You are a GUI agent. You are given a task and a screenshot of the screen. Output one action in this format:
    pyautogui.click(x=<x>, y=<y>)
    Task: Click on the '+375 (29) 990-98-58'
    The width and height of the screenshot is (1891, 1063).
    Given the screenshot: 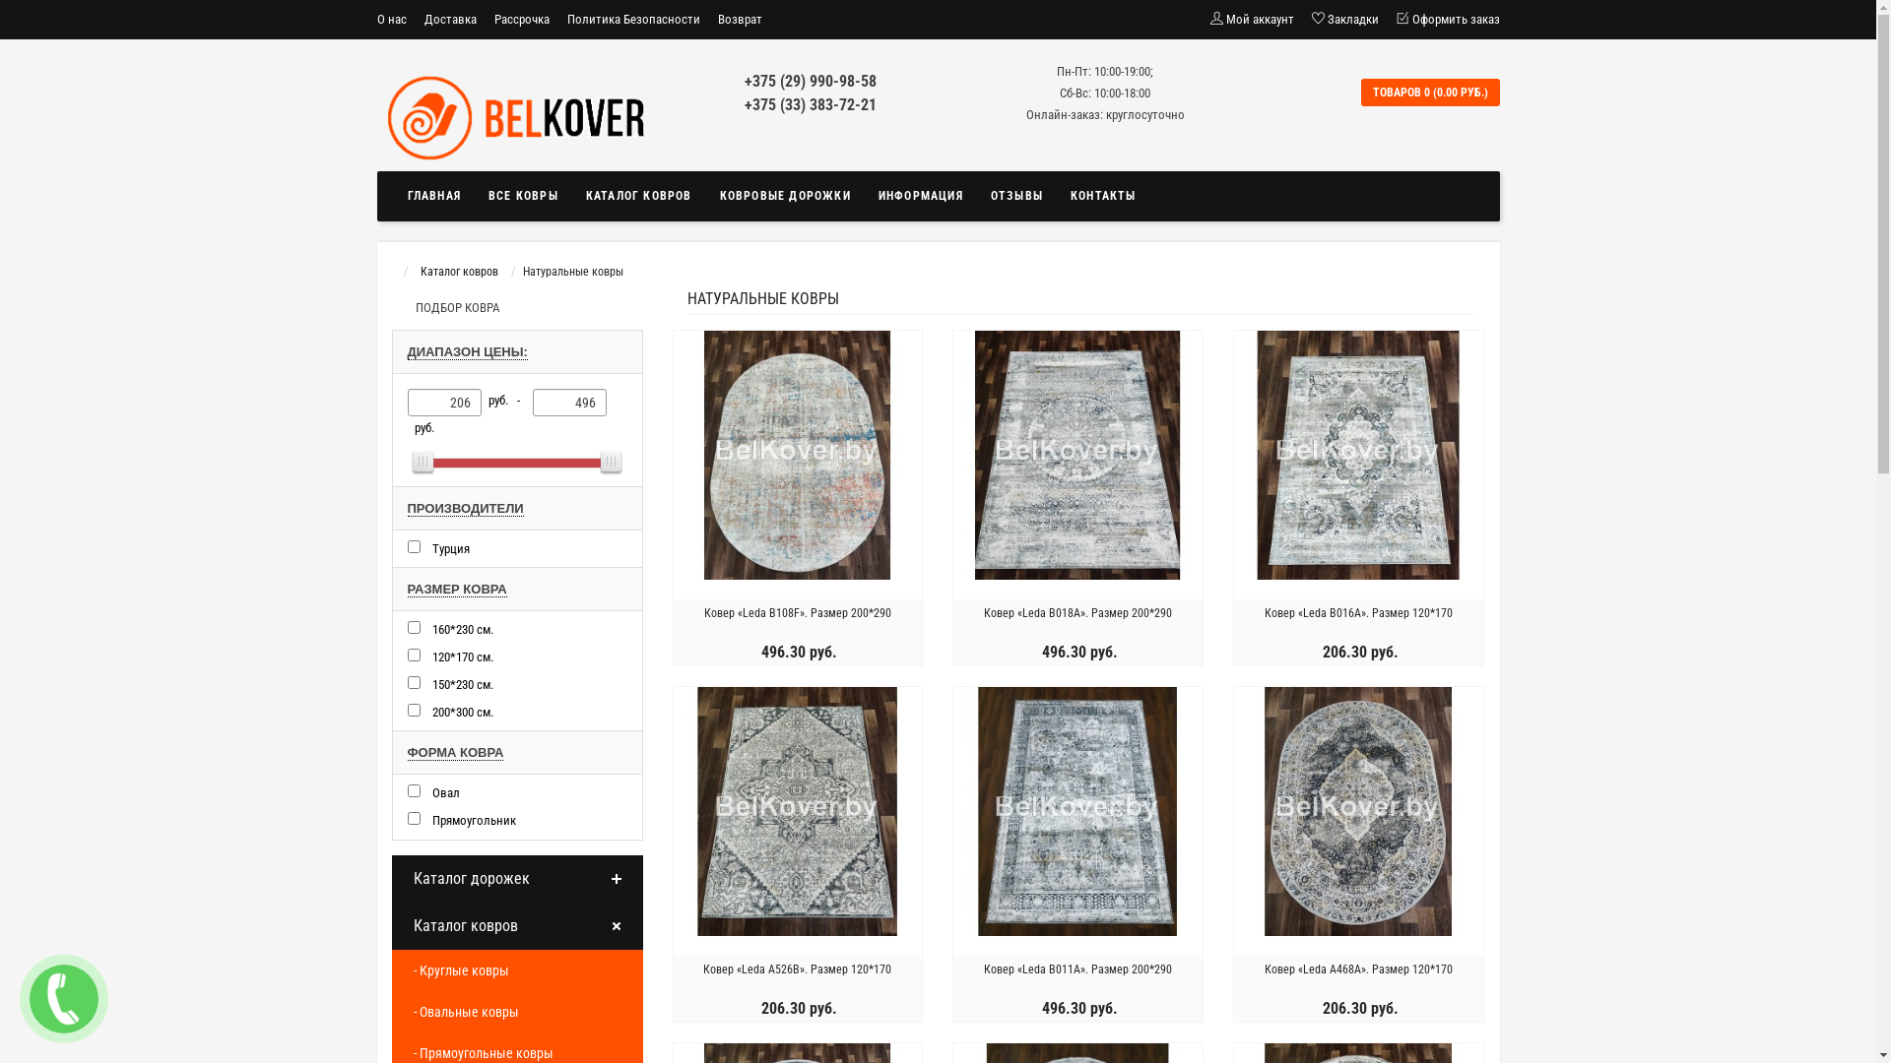 What is the action you would take?
    pyautogui.click(x=743, y=80)
    